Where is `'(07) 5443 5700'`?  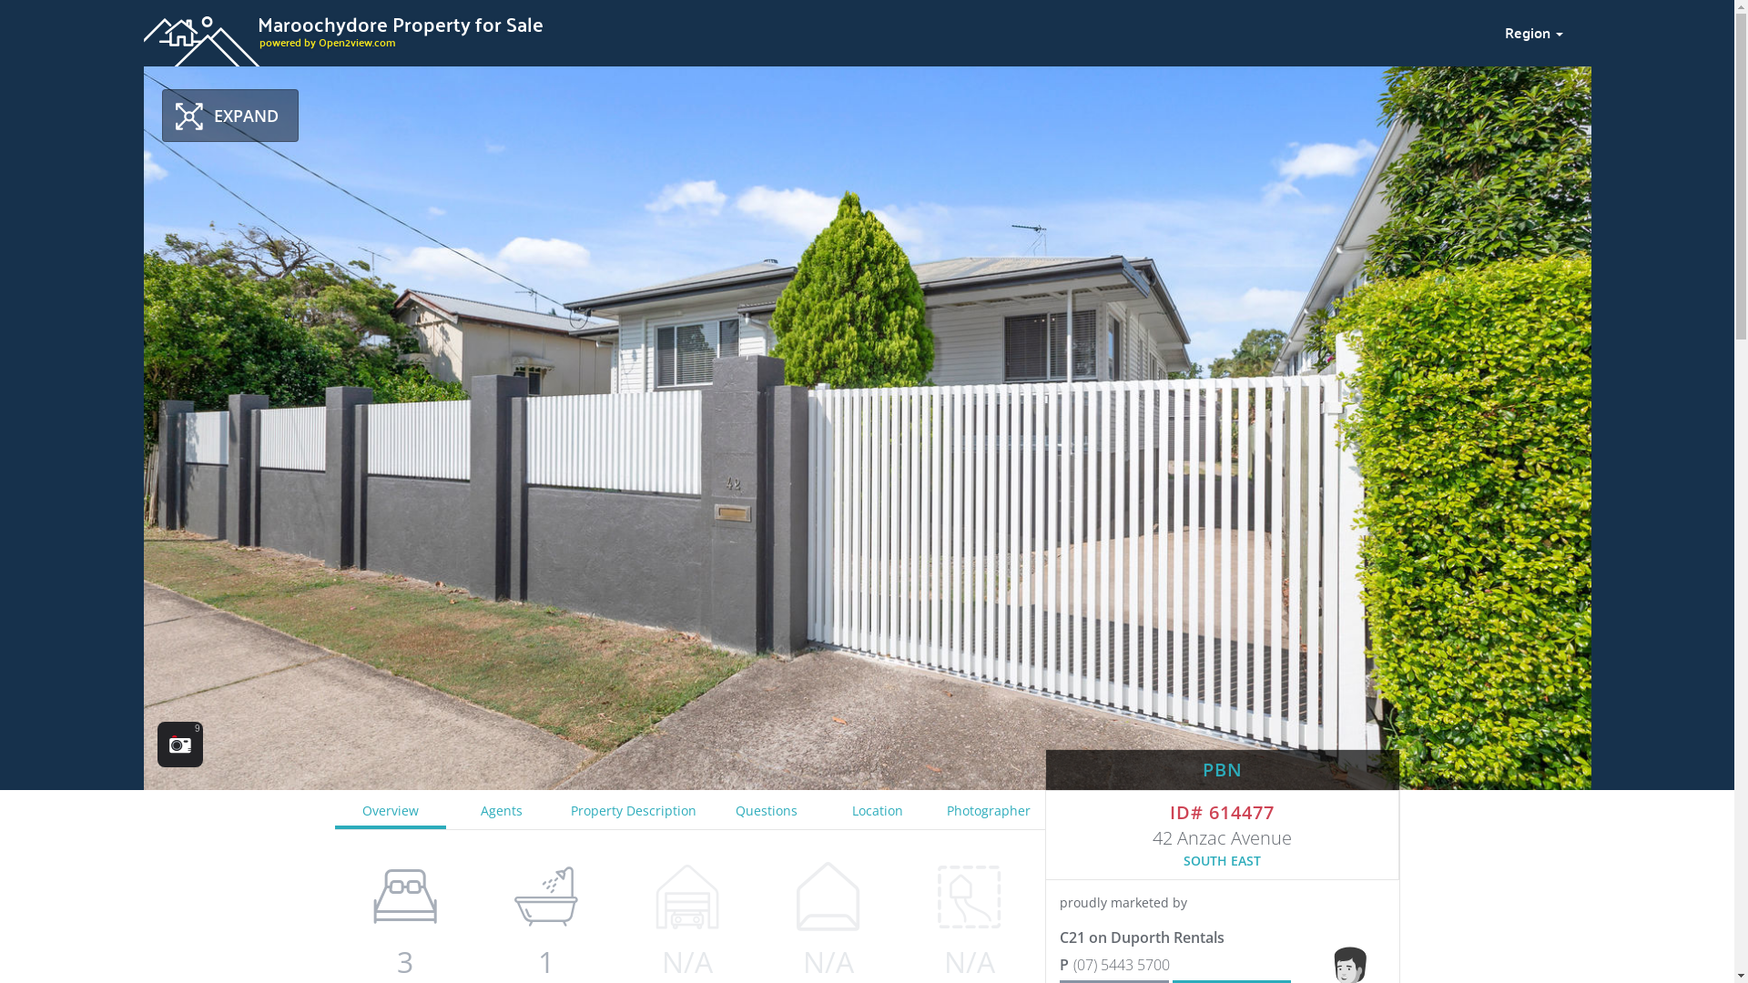 '(07) 5443 5700' is located at coordinates (1059, 964).